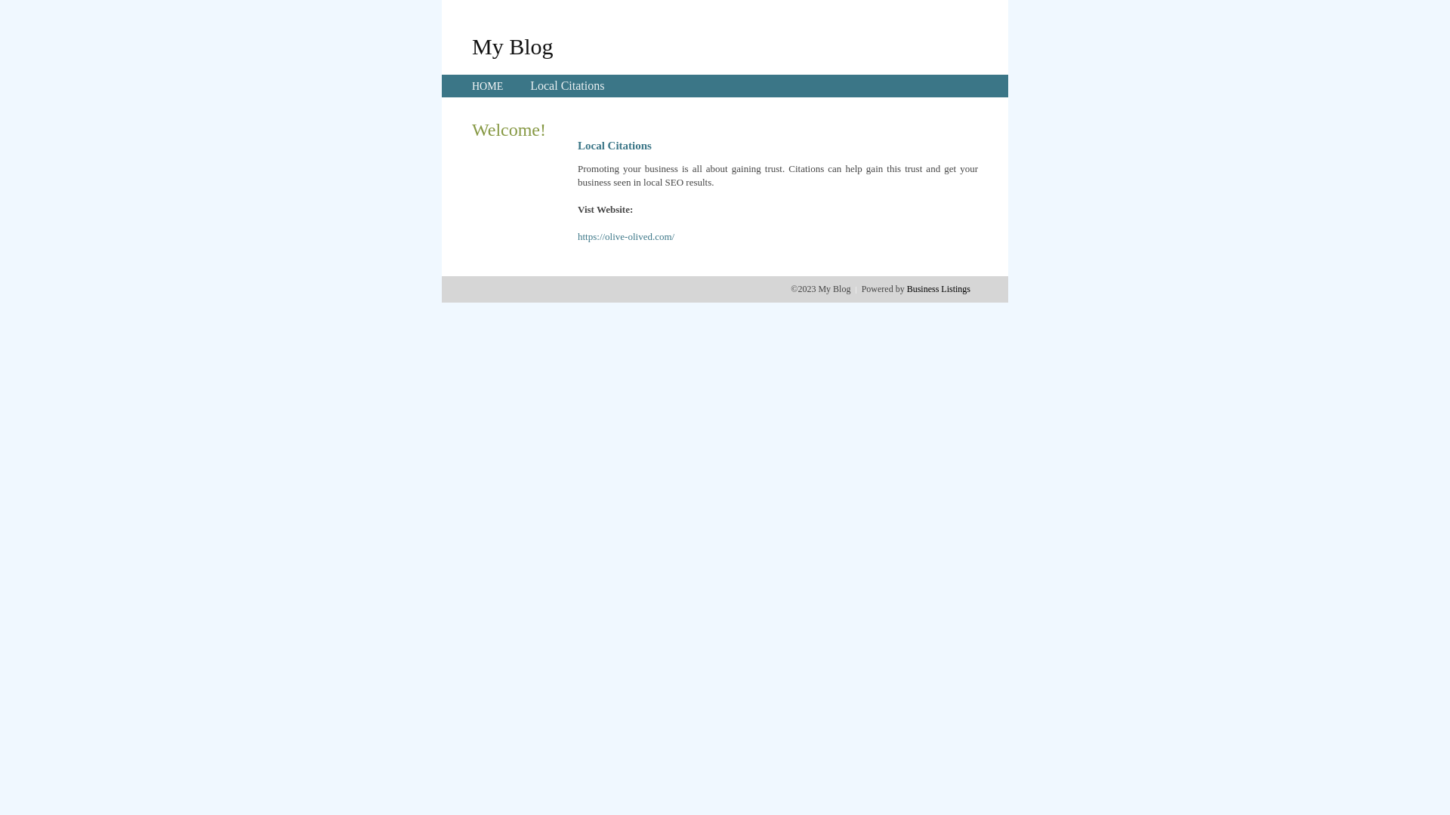  What do you see at coordinates (487, 86) in the screenshot?
I see `'HOME'` at bounding box center [487, 86].